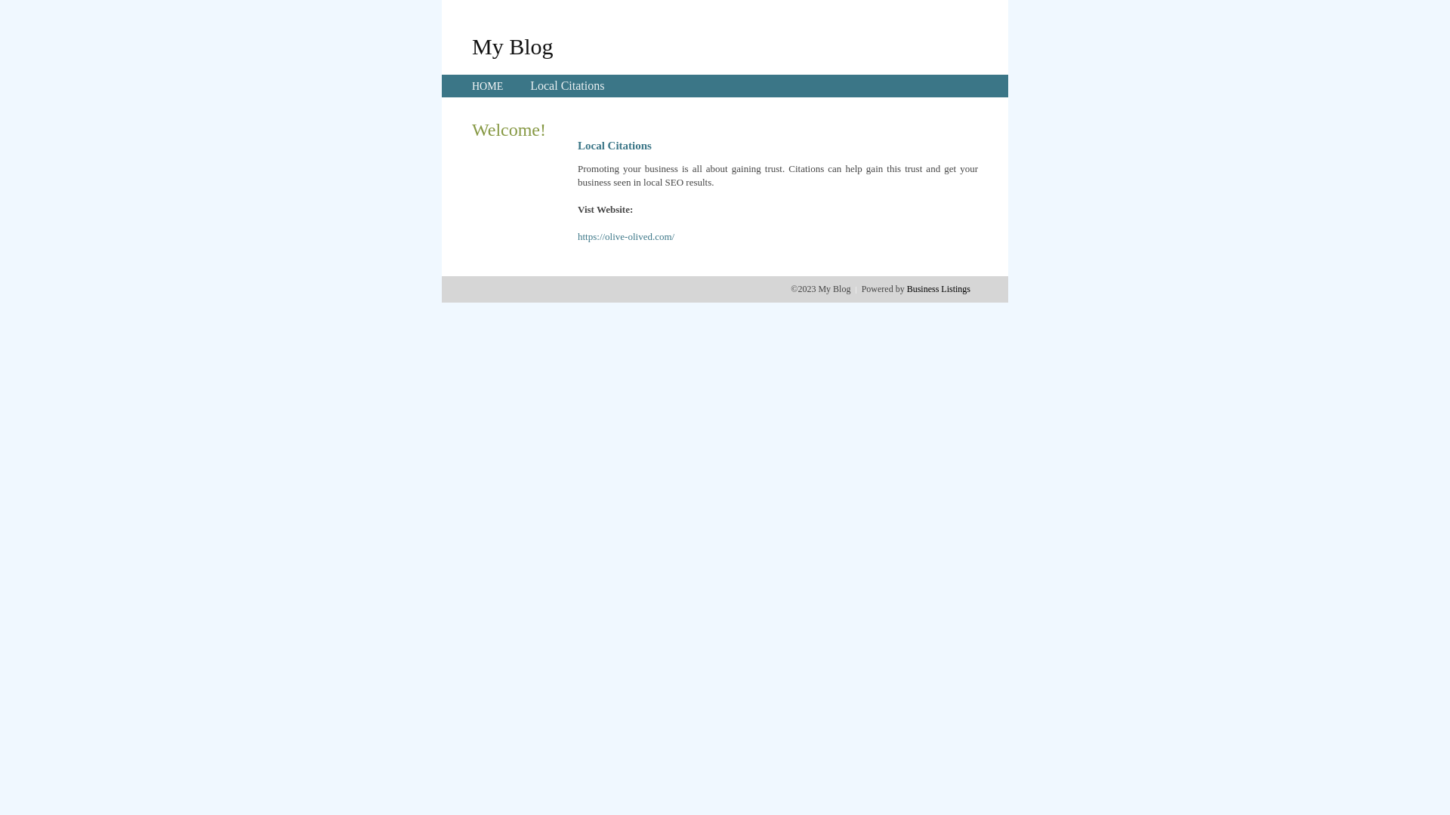  What do you see at coordinates (487, 86) in the screenshot?
I see `'HOME'` at bounding box center [487, 86].